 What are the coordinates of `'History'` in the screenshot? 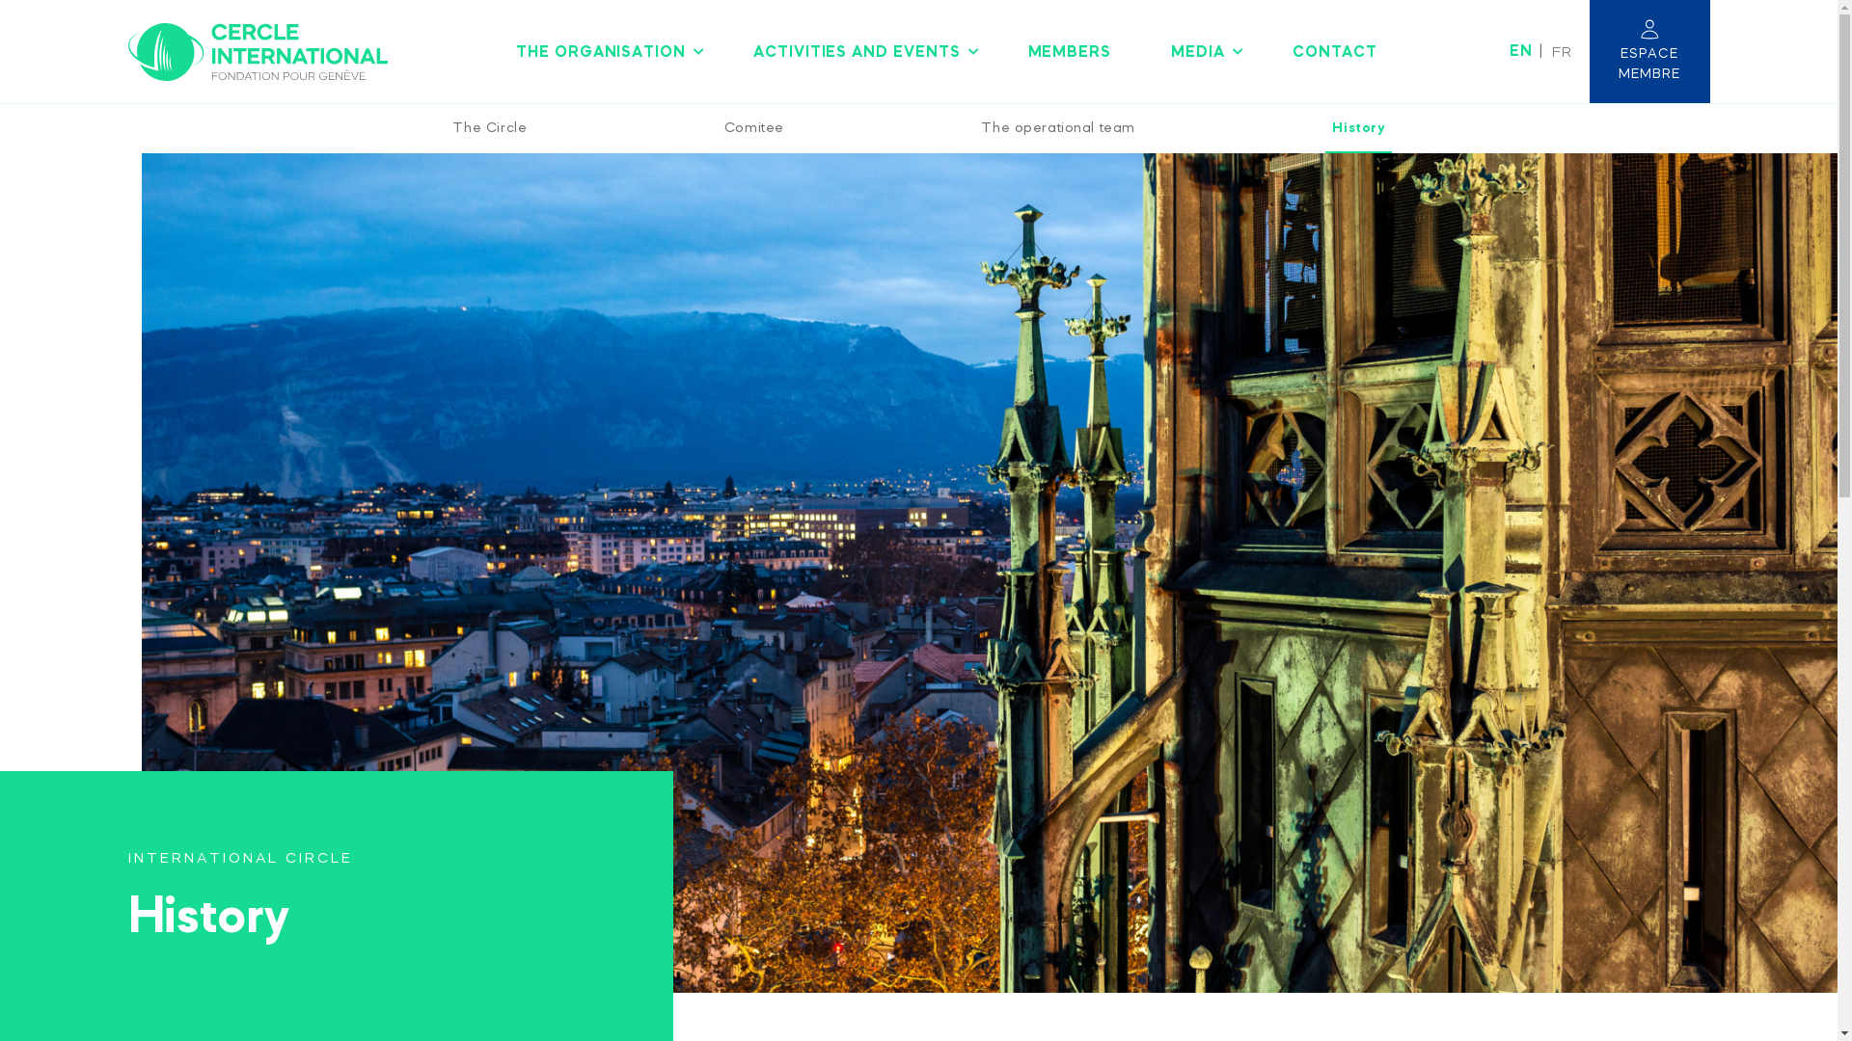 It's located at (1356, 128).